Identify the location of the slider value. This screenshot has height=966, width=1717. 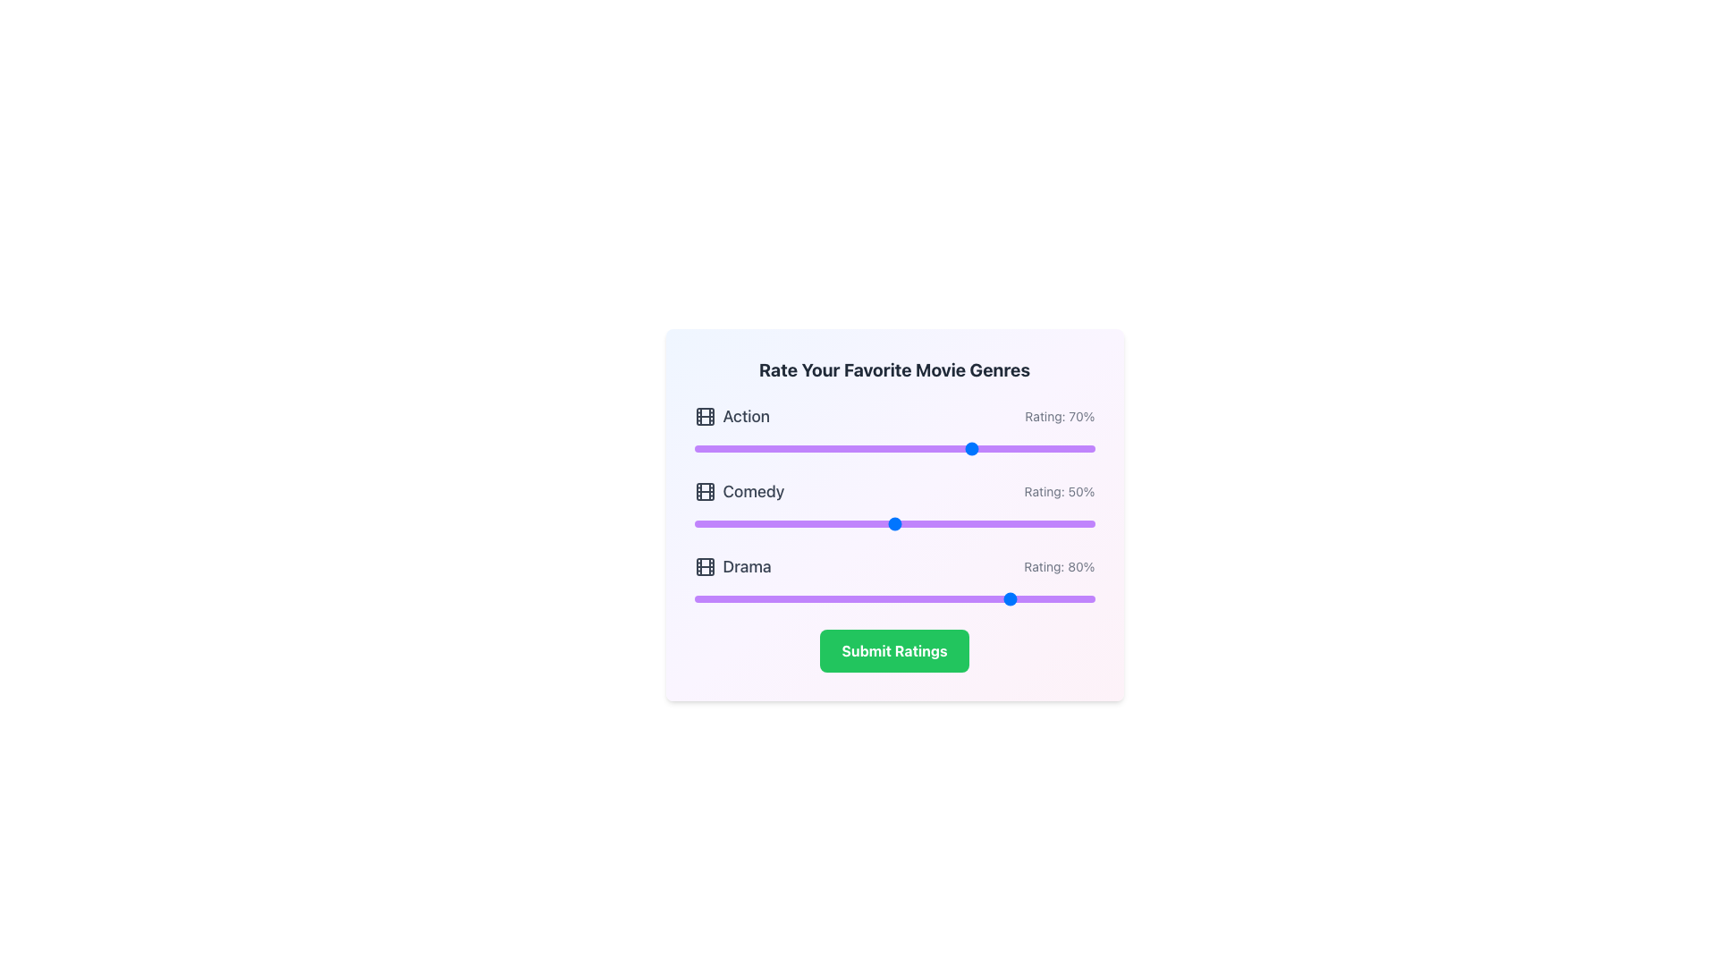
(782, 599).